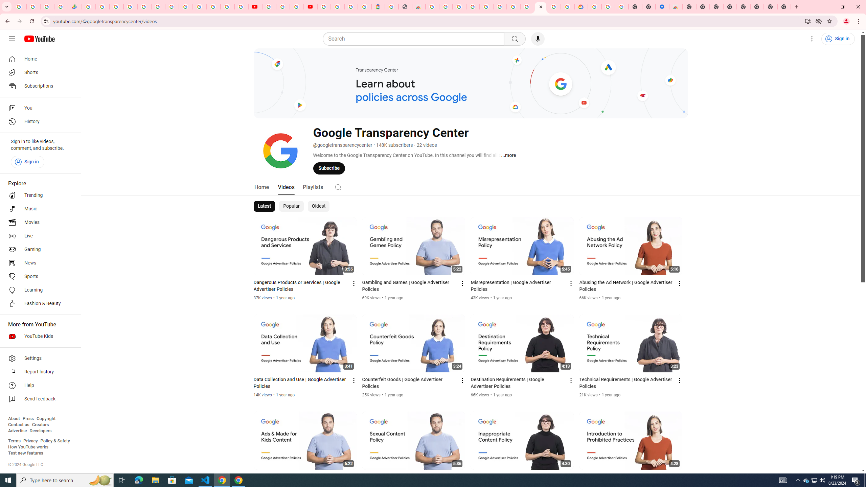  I want to click on 'Oldest', so click(318, 206).